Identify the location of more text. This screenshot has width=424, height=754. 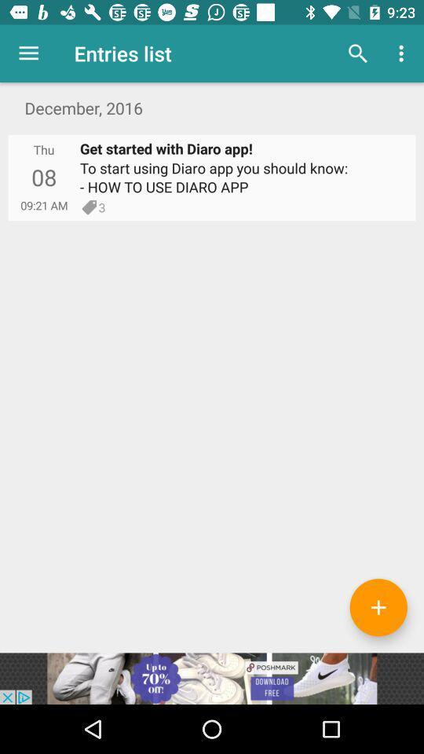
(378, 606).